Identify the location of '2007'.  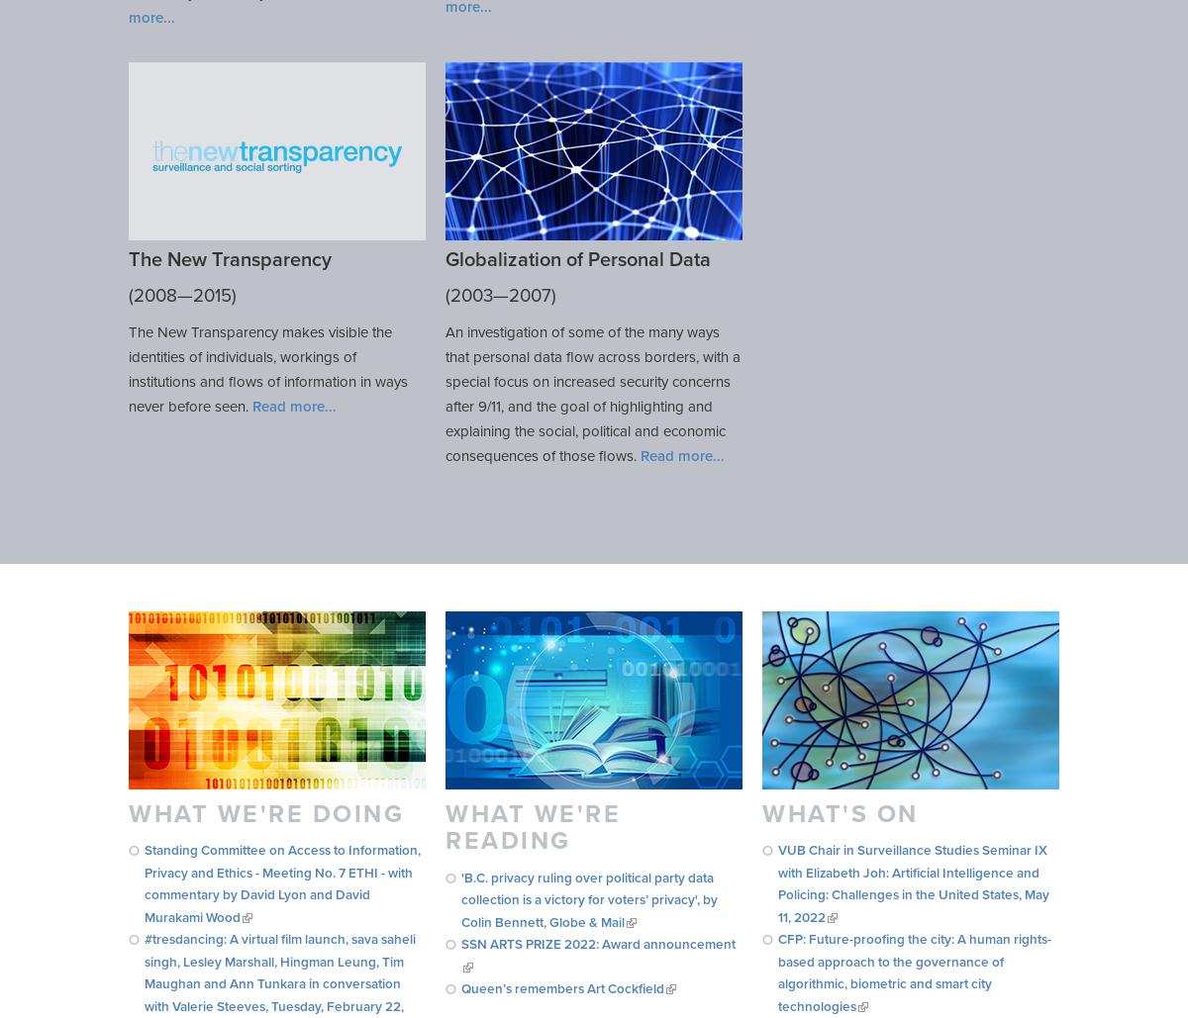
(529, 296).